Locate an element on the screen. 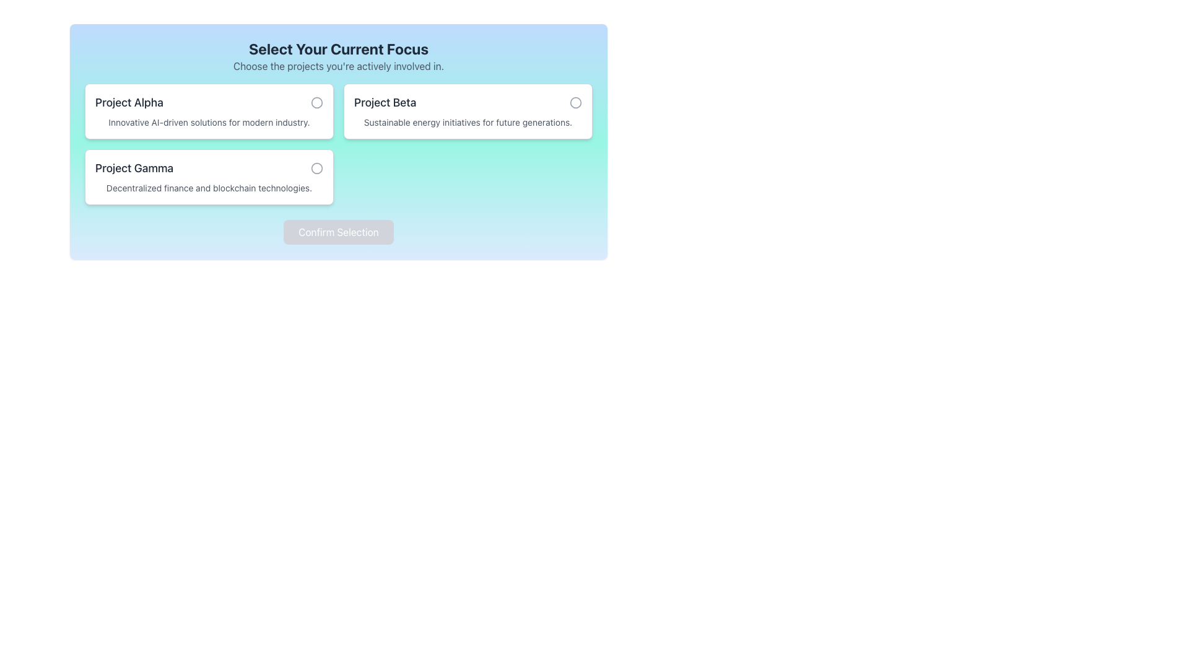  the circular radio button icon located next to the label 'Project Alpha' is located at coordinates (316, 102).